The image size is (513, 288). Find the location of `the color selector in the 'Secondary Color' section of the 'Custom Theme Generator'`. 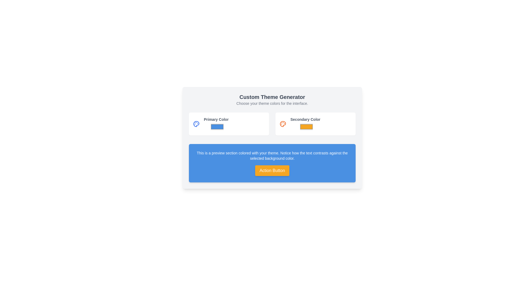

the color selector in the 'Secondary Color' section of the 'Custom Theme Generator' is located at coordinates (305, 124).